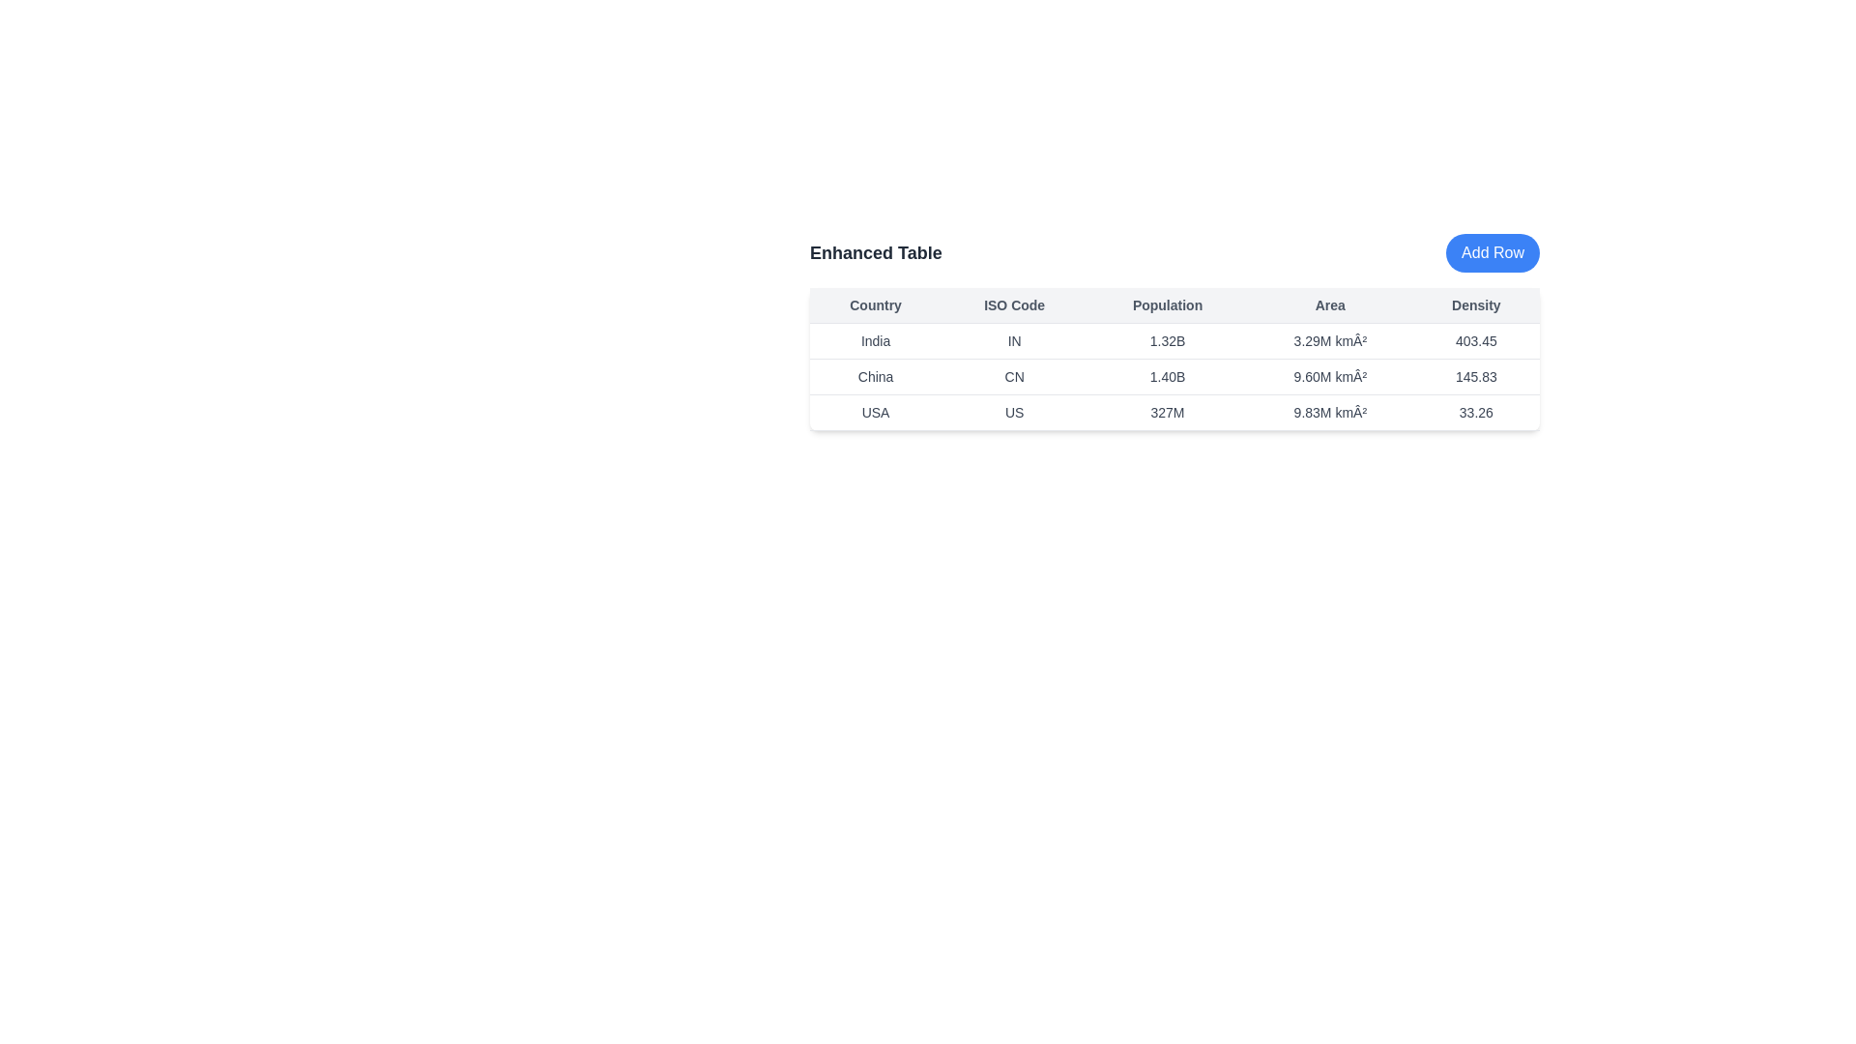  I want to click on text content displayed as '9.83M km²' in the fourth column of the last row of the 'Enhanced Table', so click(1329, 412).